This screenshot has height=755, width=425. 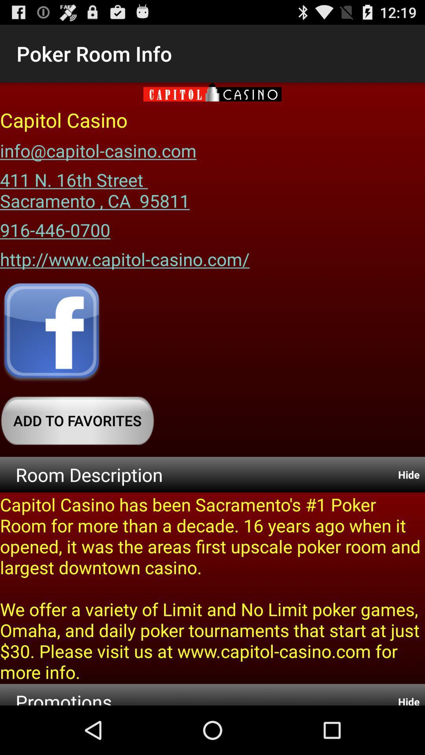 I want to click on the app below 411 n 16th, so click(x=55, y=226).